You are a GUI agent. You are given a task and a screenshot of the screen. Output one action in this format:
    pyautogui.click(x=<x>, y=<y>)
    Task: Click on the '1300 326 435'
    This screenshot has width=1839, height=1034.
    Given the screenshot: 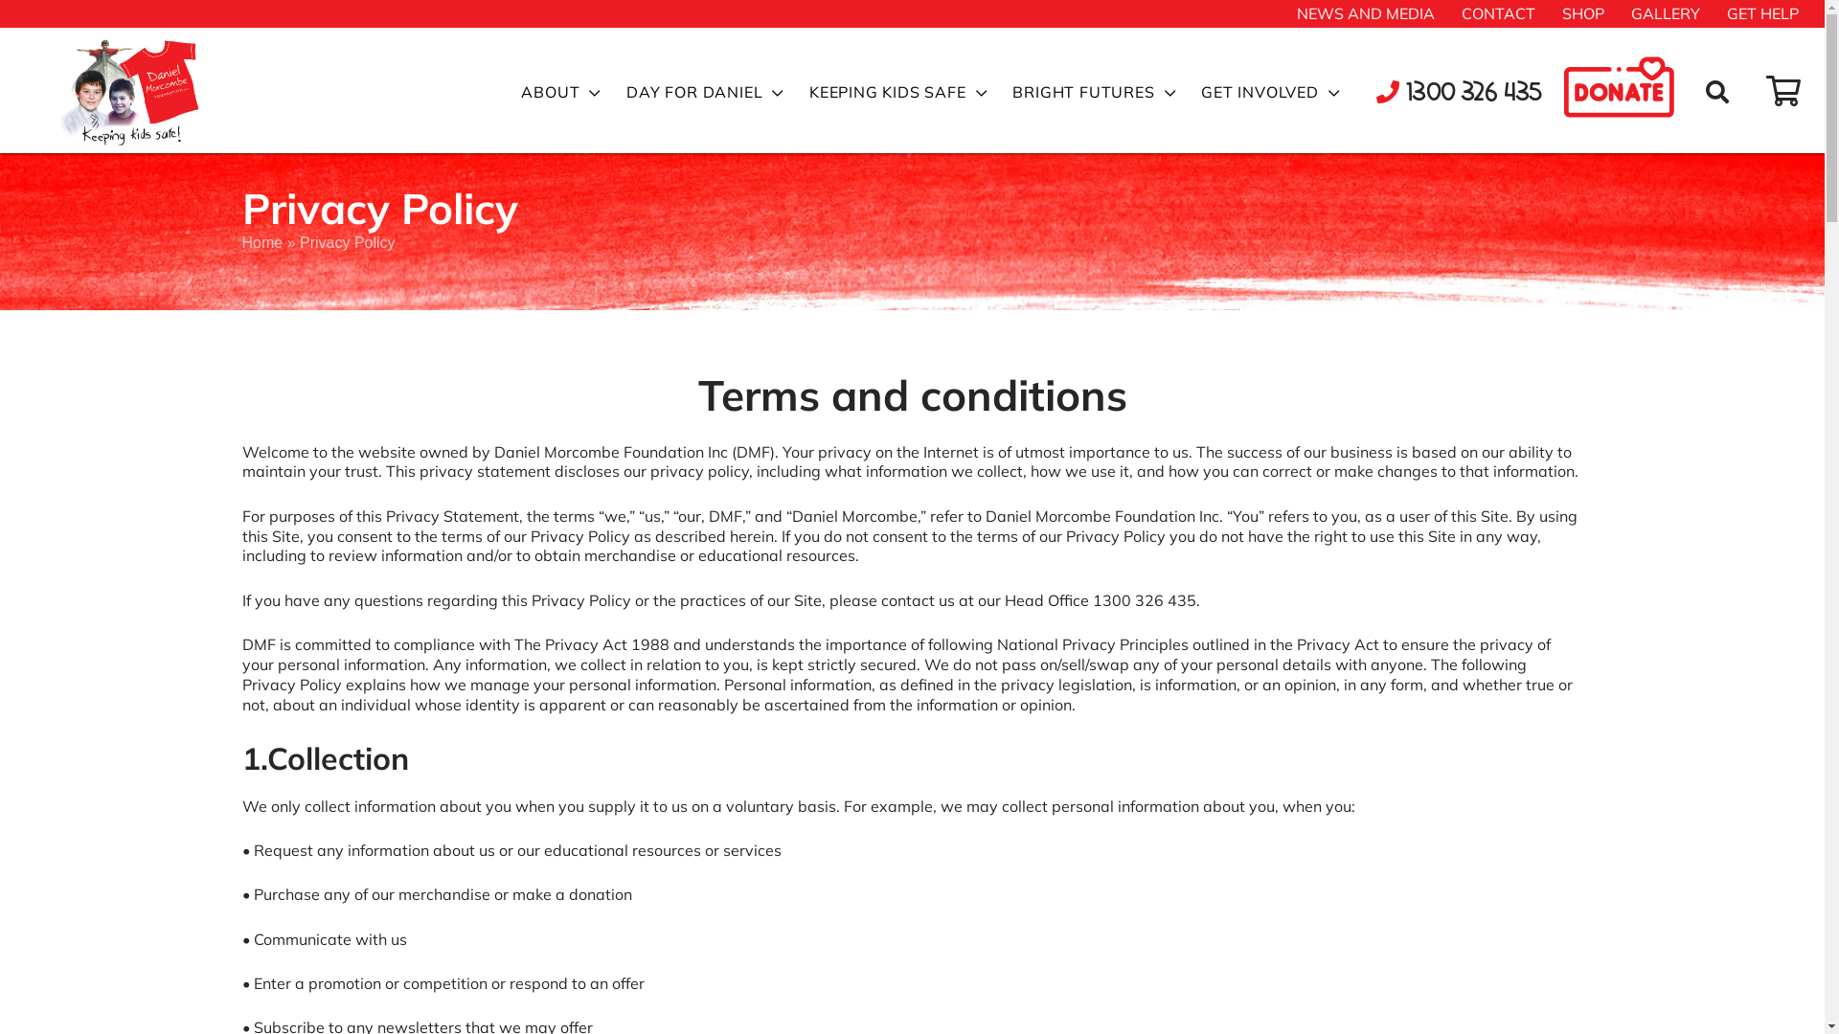 What is the action you would take?
    pyautogui.click(x=1458, y=93)
    